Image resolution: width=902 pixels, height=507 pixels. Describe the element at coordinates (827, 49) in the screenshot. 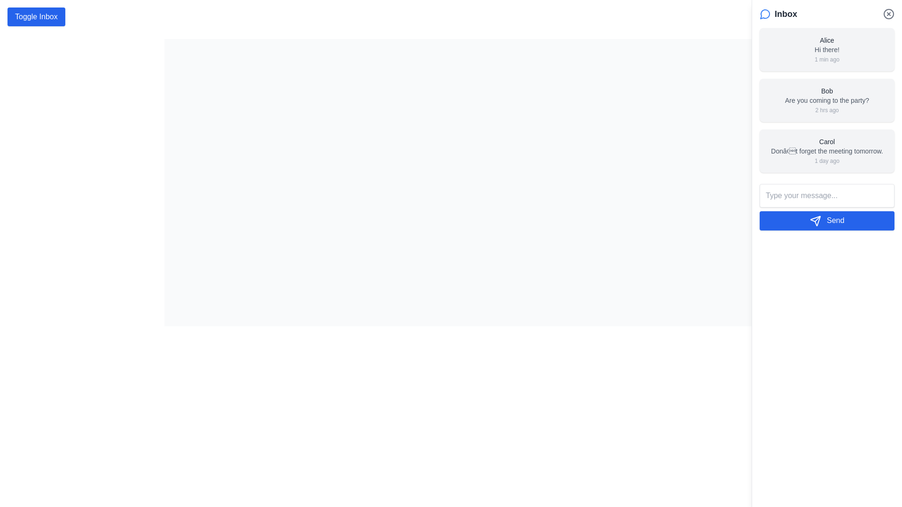

I see `the first message preview panel in the Inbox section` at that location.